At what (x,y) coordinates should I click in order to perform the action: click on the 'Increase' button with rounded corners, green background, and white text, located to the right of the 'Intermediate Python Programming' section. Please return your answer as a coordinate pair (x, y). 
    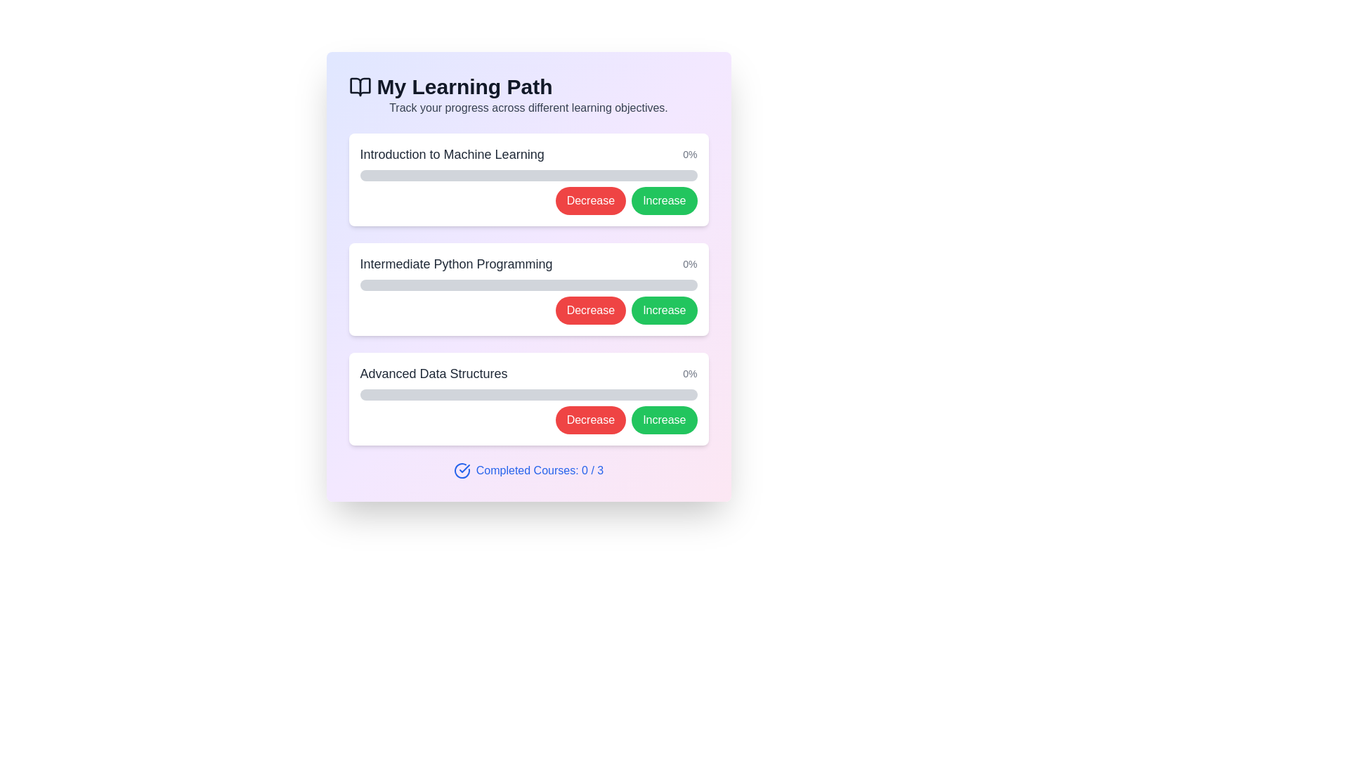
    Looking at the image, I should click on (663, 310).